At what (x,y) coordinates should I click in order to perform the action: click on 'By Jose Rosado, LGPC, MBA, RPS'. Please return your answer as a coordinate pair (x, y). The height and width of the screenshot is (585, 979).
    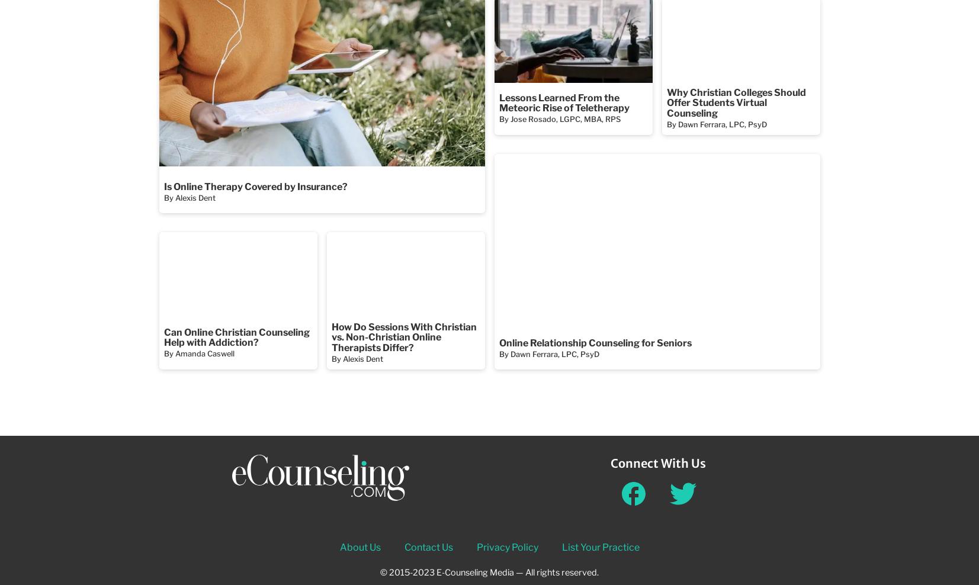
    Looking at the image, I should click on (559, 118).